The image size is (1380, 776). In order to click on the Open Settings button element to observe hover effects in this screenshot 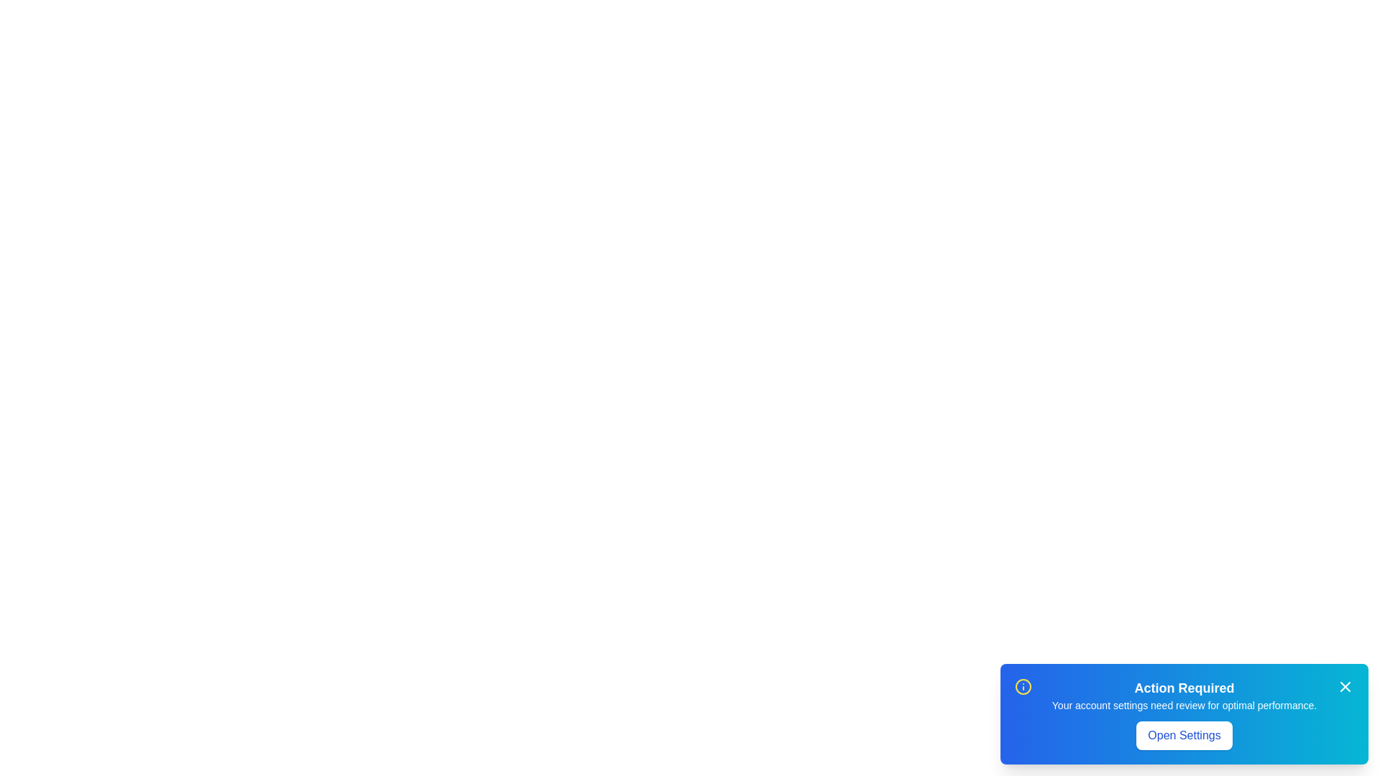, I will do `click(1184, 735)`.